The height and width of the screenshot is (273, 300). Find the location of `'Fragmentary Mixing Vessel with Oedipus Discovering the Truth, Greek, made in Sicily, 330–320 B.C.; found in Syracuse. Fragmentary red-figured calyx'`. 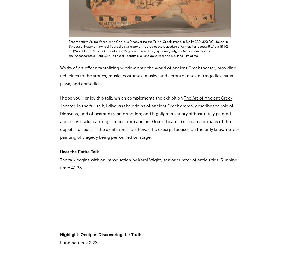

'Fragmentary Mixing Vessel with Oedipus Discovering the Truth, Greek, made in Sicily, 330–320 B.C.; found in Syracuse. Fragmentary red-figured calyx' is located at coordinates (148, 43).